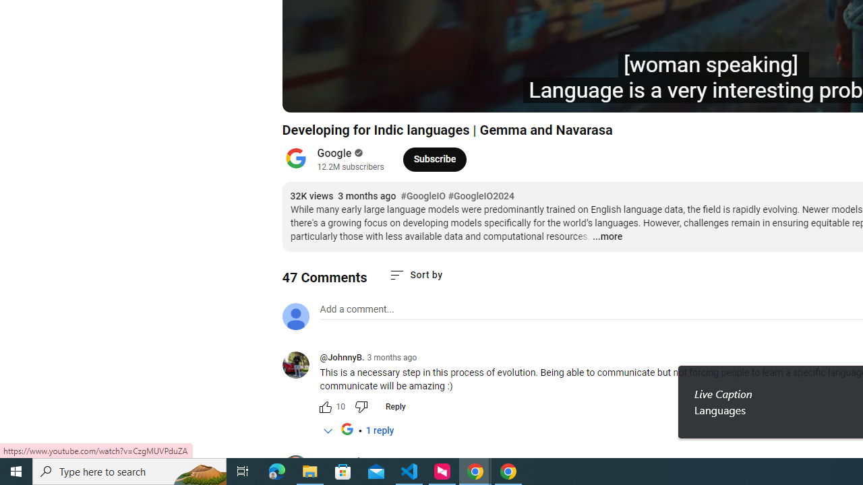 Image resolution: width=863 pixels, height=485 pixels. What do you see at coordinates (342, 358) in the screenshot?
I see `'@JohnnyB.'` at bounding box center [342, 358].